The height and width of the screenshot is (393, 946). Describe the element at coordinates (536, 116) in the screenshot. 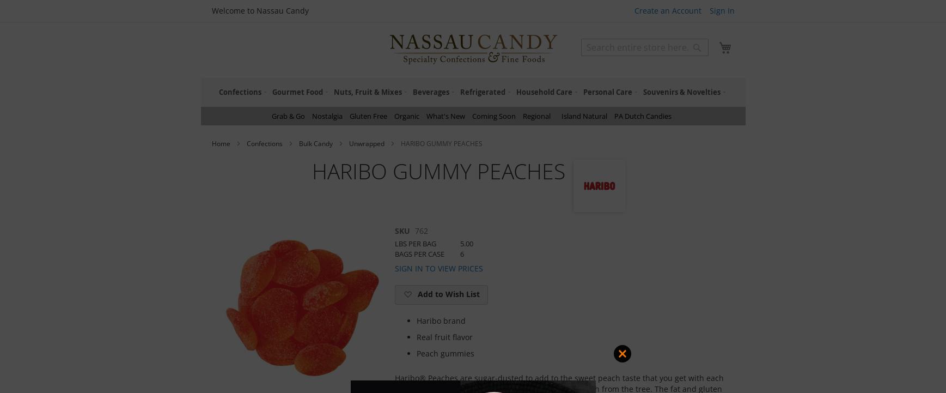

I see `'Regional'` at that location.